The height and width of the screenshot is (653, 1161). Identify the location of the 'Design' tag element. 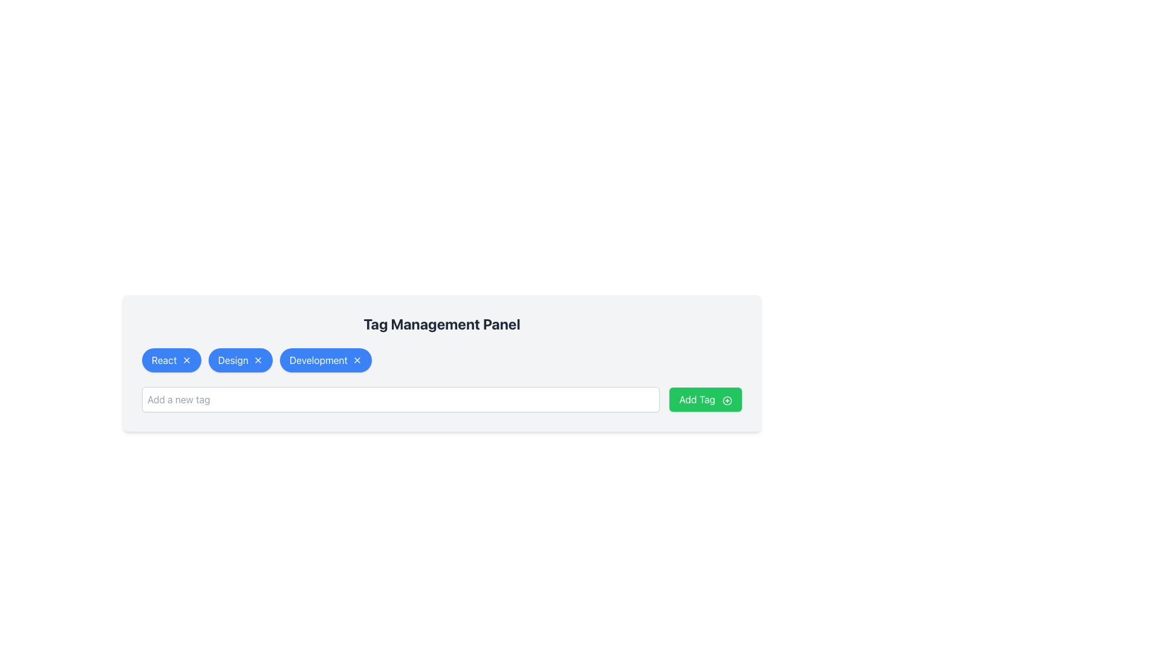
(240, 360).